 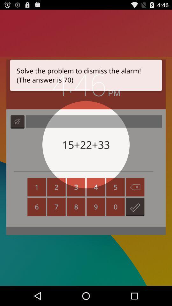 What do you see at coordinates (18, 130) in the screenshot?
I see `the volume icon` at bounding box center [18, 130].